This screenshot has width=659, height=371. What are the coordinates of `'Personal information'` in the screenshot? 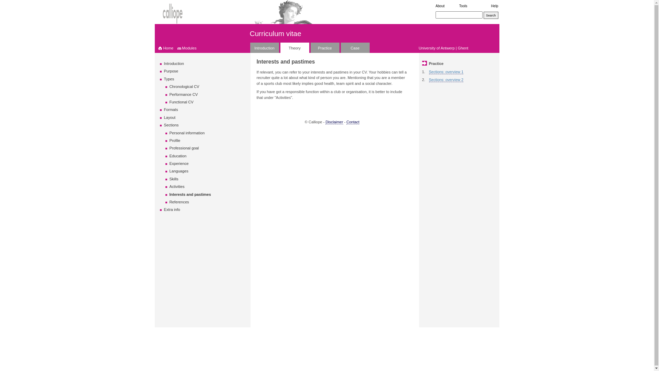 It's located at (170, 133).